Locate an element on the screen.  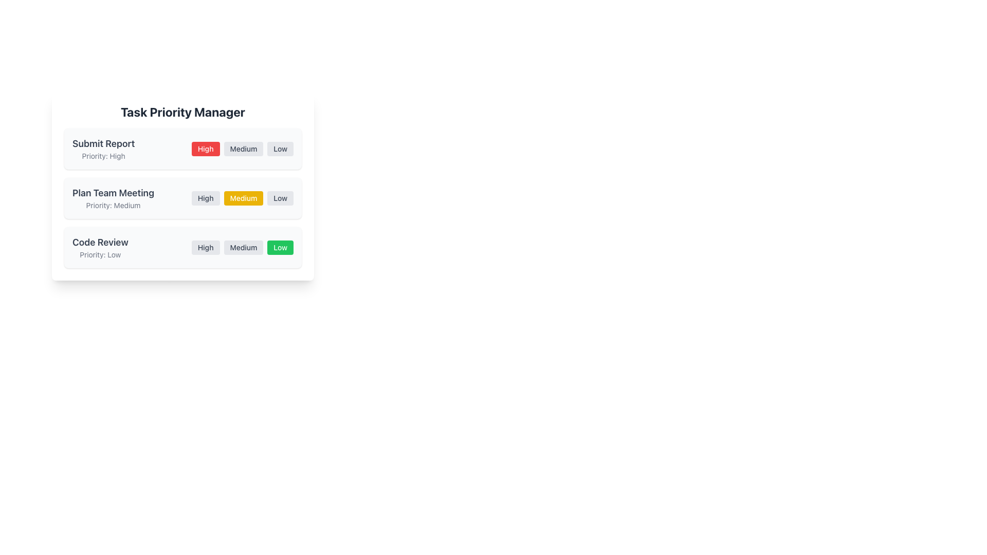
the text label displaying 'Priority: High', which is positioned below the 'Submit Report' title in the task management interface is located at coordinates (103, 156).